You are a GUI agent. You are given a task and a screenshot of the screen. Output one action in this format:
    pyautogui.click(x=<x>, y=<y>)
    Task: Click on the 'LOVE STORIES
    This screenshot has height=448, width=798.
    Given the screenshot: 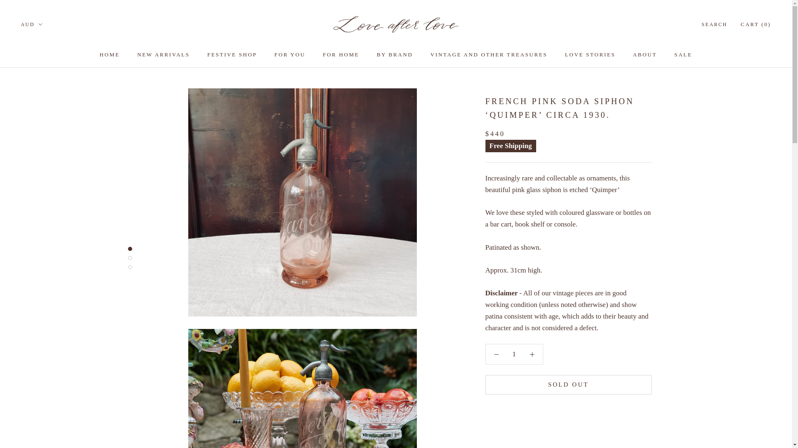 What is the action you would take?
    pyautogui.click(x=590, y=54)
    